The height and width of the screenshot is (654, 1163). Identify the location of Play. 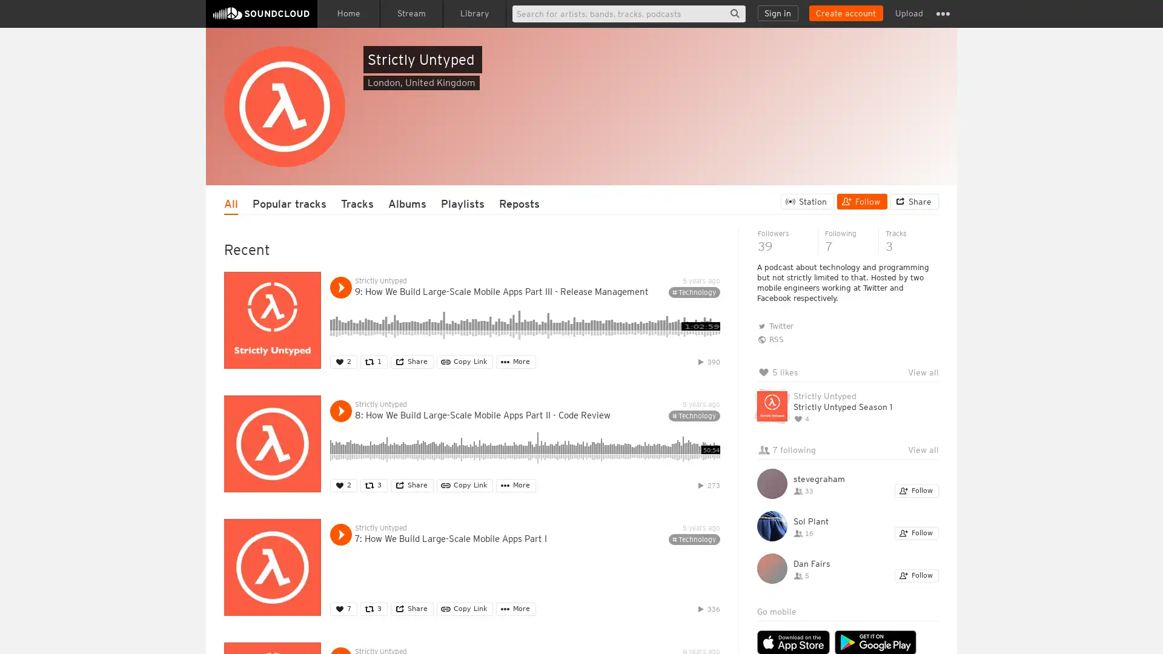
(340, 410).